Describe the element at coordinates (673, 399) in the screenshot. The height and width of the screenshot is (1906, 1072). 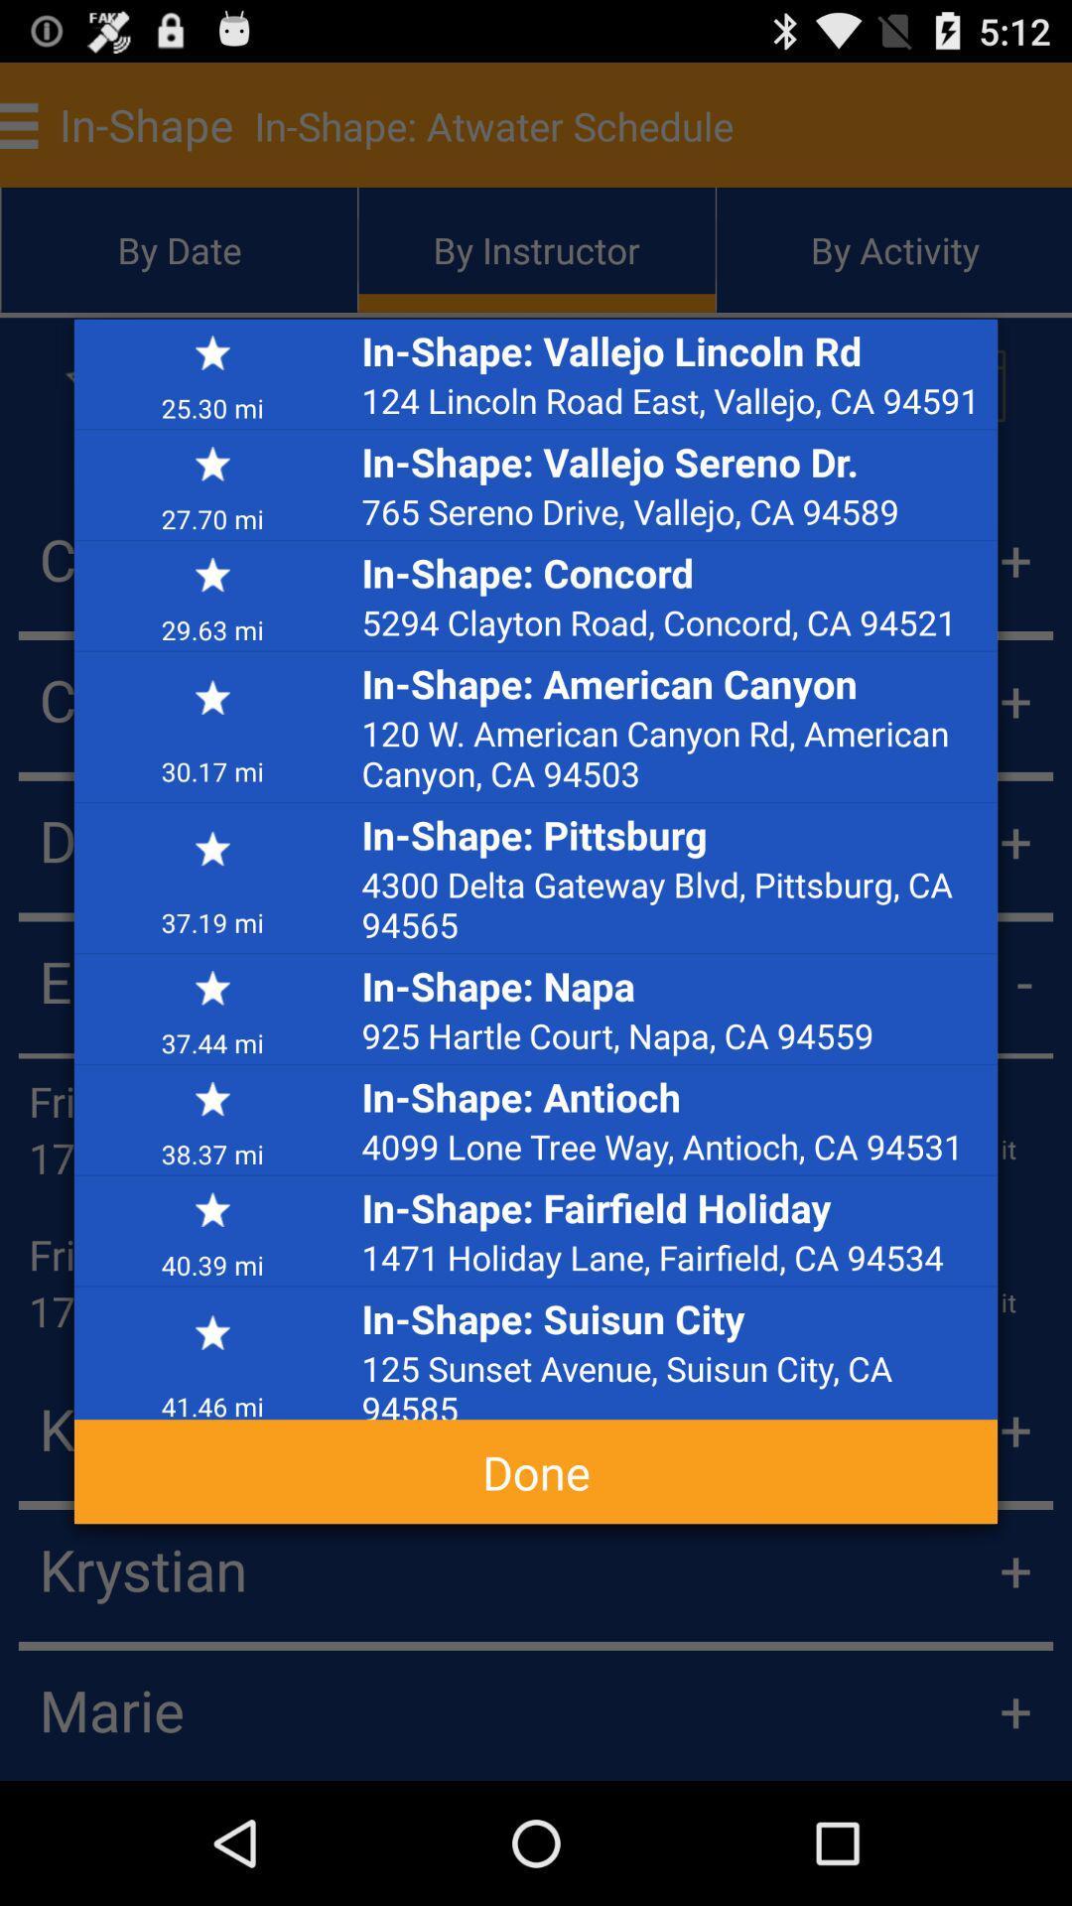
I see `124 lincoln road item` at that location.